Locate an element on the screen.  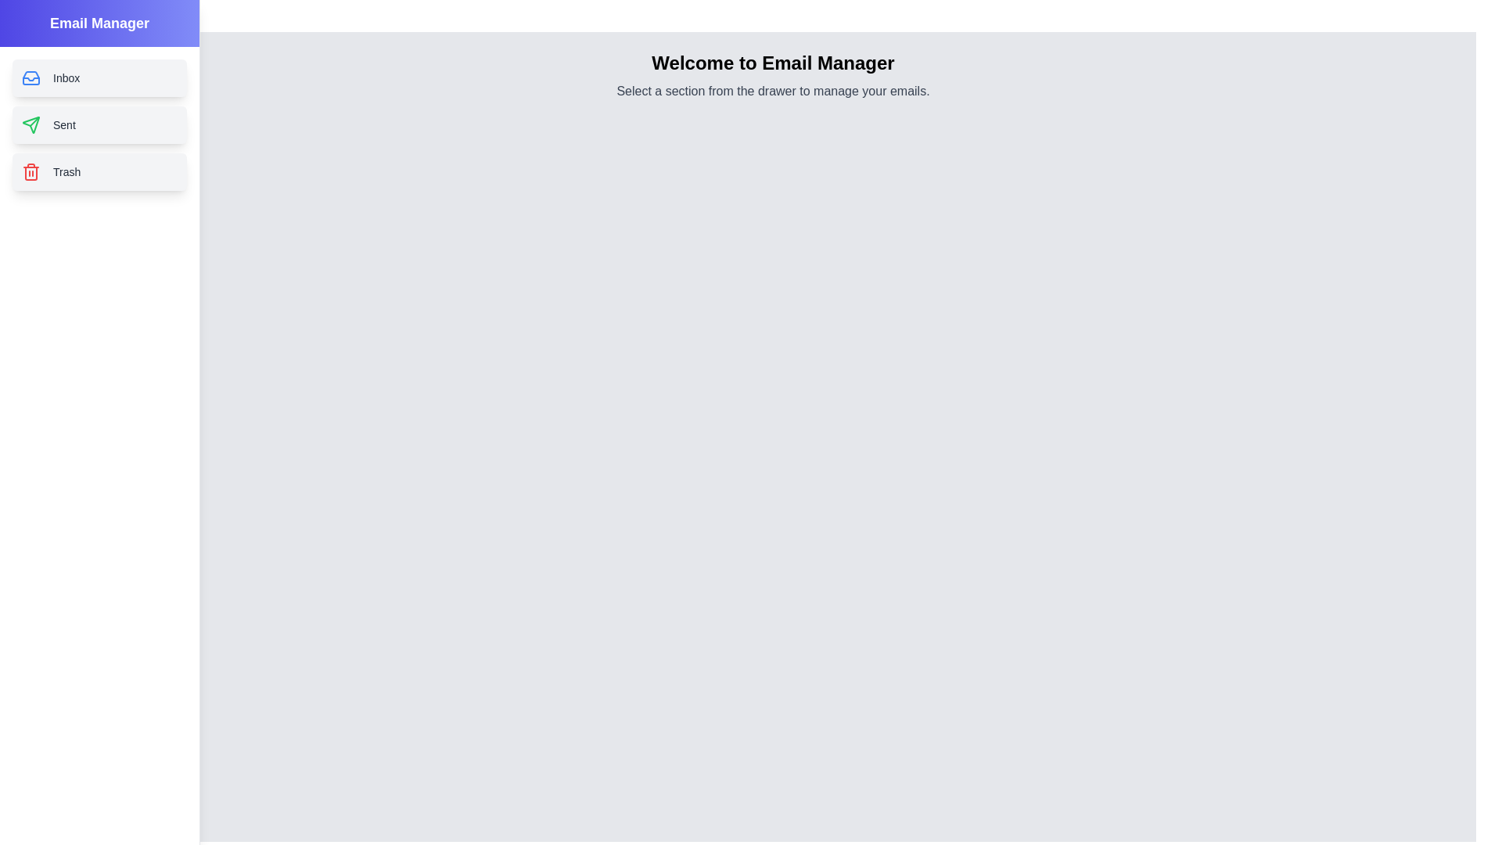
the Inbox section from the drawer is located at coordinates (99, 78).